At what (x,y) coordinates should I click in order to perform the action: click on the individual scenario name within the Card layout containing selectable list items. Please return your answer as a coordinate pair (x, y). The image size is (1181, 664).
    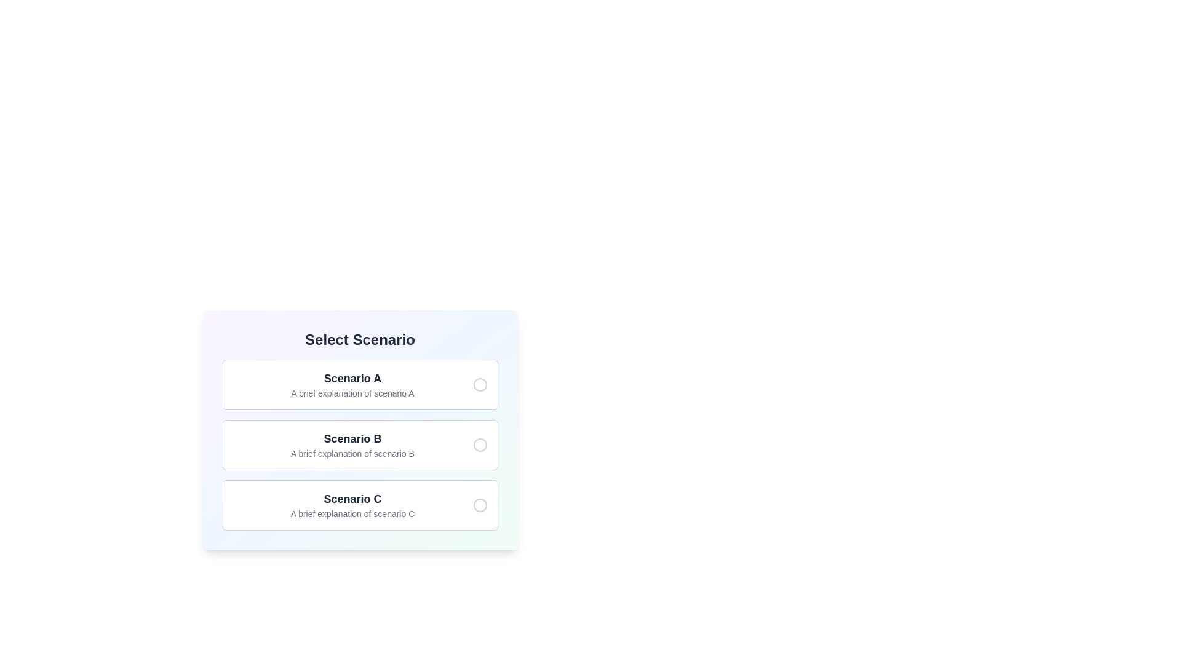
    Looking at the image, I should click on (359, 429).